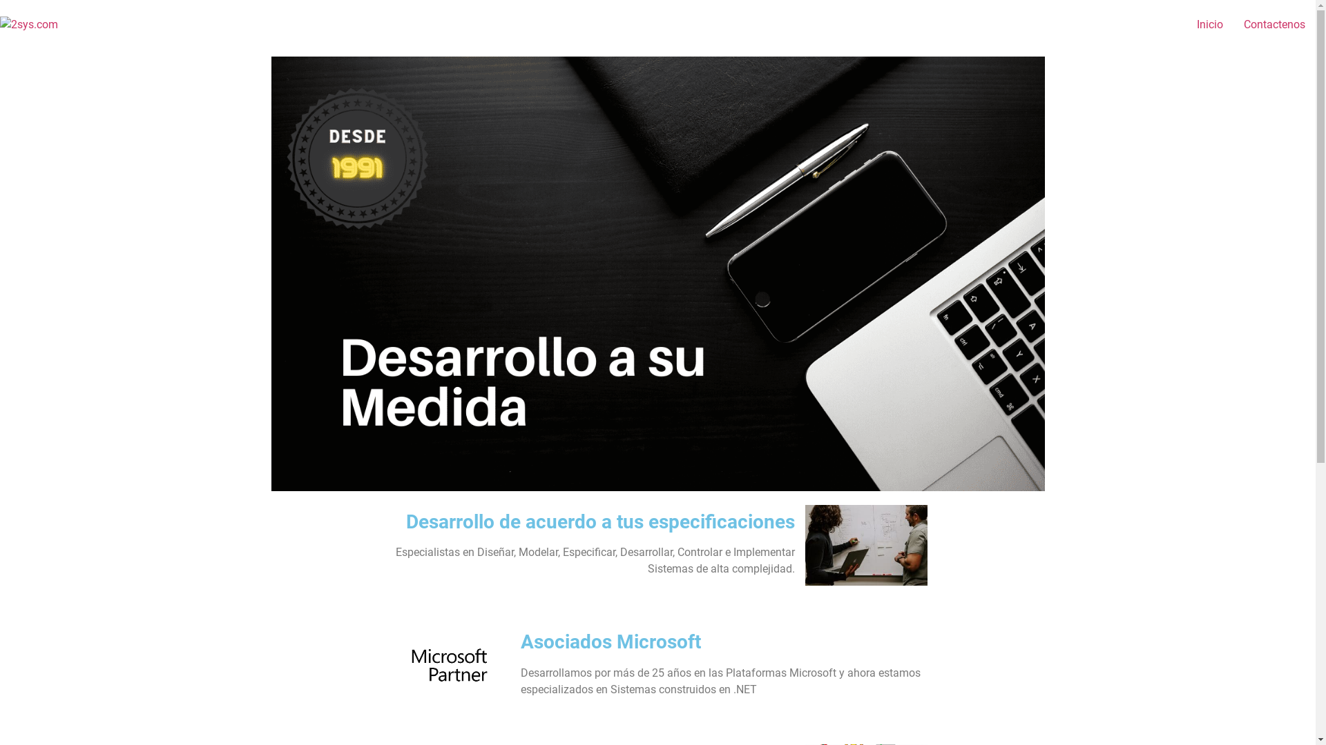 This screenshot has width=1326, height=745. Describe the element at coordinates (1209, 24) in the screenshot. I see `'Inicio'` at that location.